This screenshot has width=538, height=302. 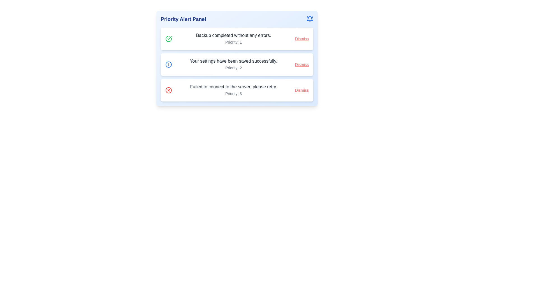 I want to click on notification text from the first notification card in the vertical list that indicates a successful backup operation, so click(x=237, y=38).